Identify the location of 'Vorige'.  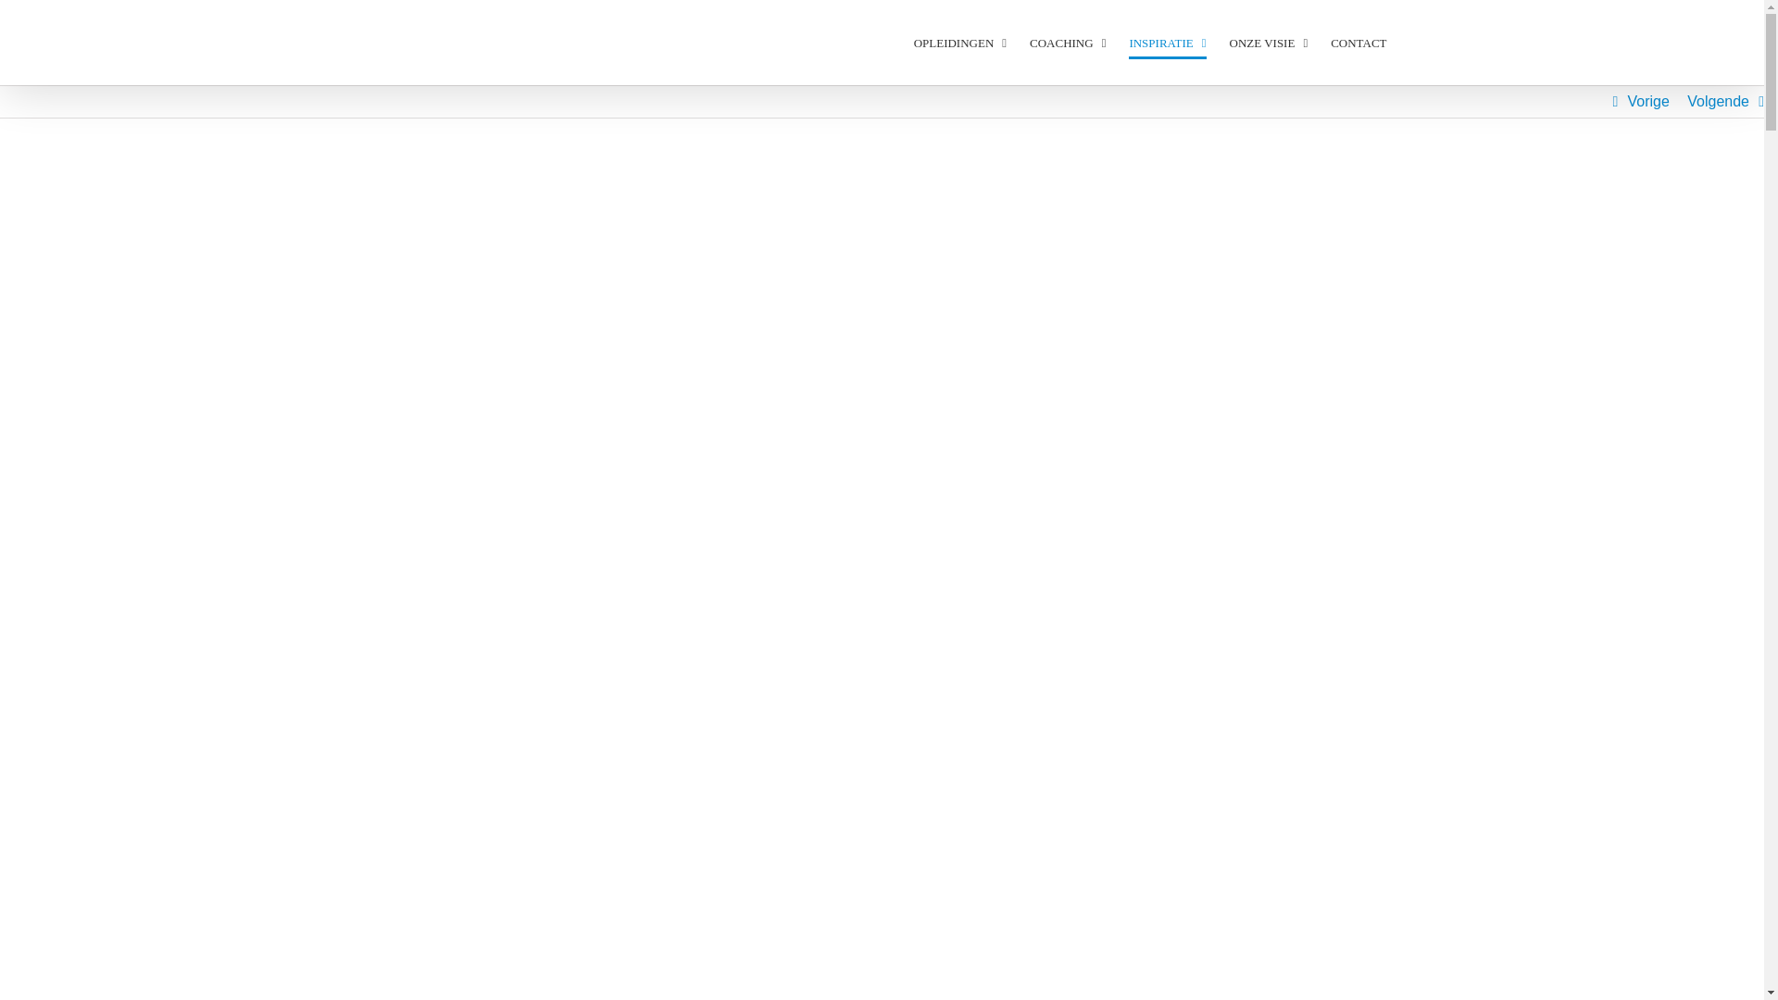
(1647, 102).